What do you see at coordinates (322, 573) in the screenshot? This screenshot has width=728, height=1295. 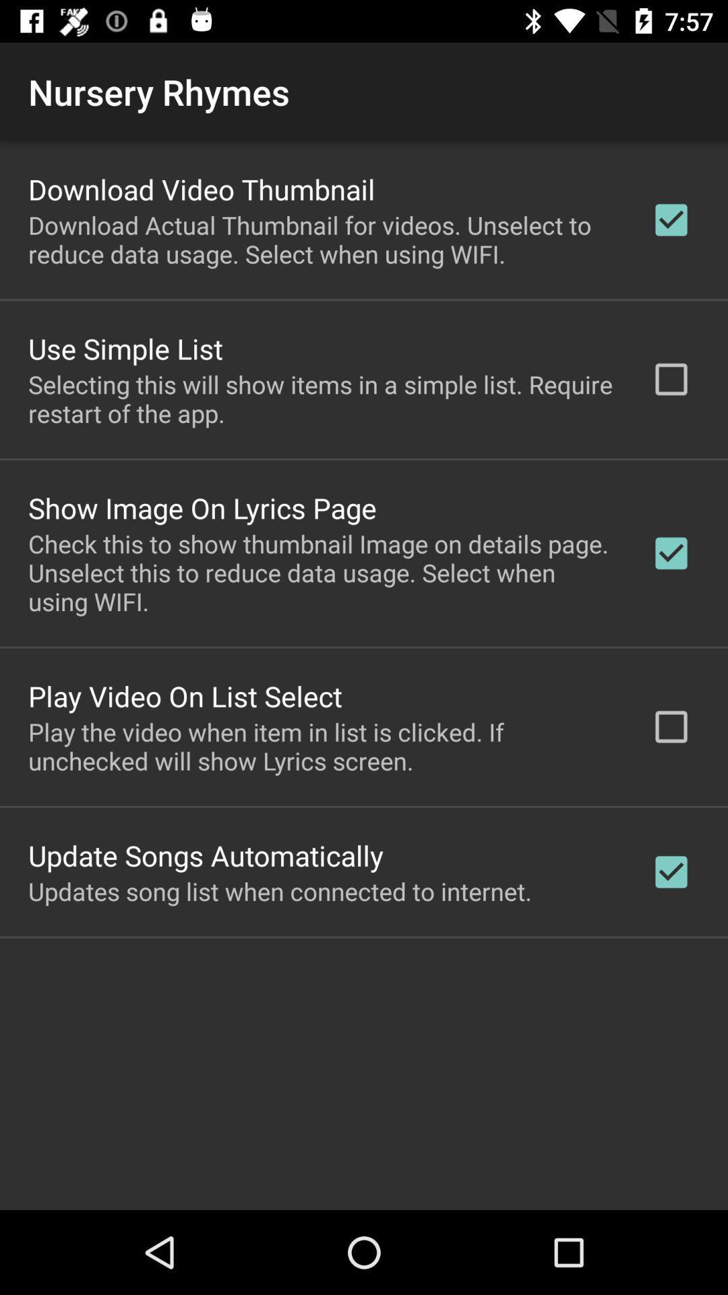 I see `icon below the show image on app` at bounding box center [322, 573].